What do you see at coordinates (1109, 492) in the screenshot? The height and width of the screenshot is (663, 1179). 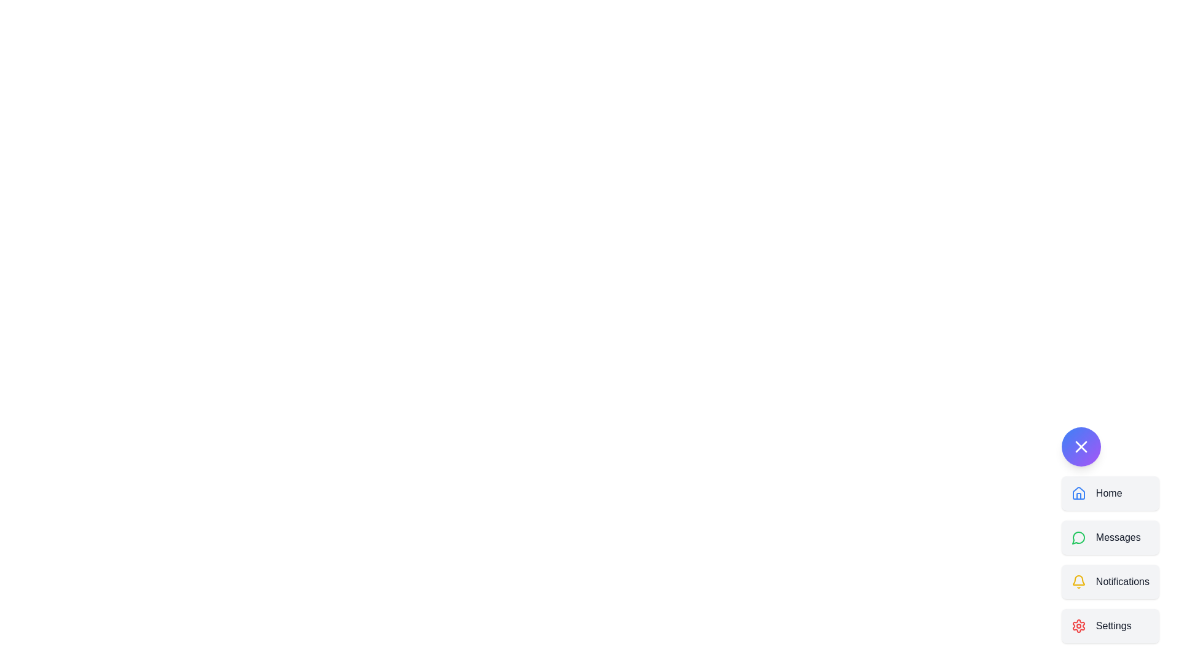 I see `the Text label indicating the Home navigation button, which is located to the right of the house-shaped icon in the first button of a vertical list of interactive elements` at bounding box center [1109, 492].